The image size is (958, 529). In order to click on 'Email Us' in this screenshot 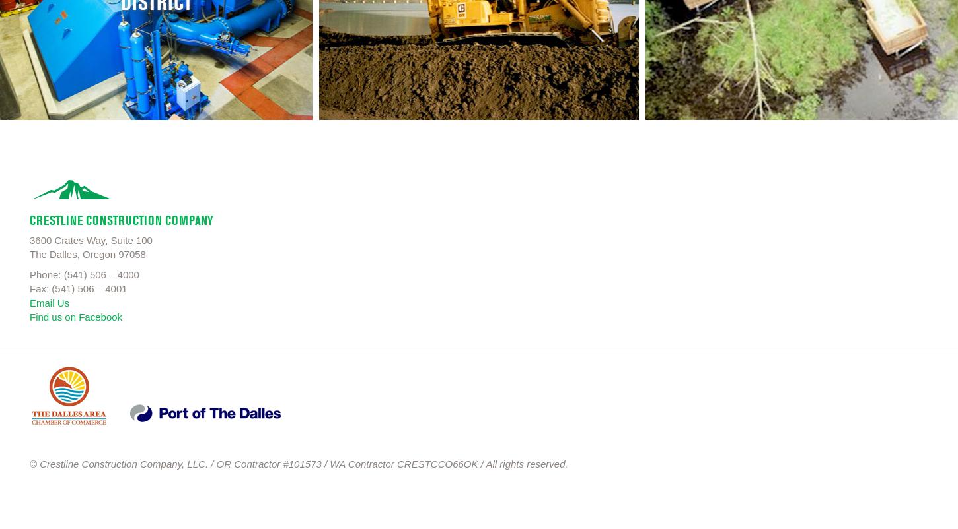, I will do `click(49, 301)`.